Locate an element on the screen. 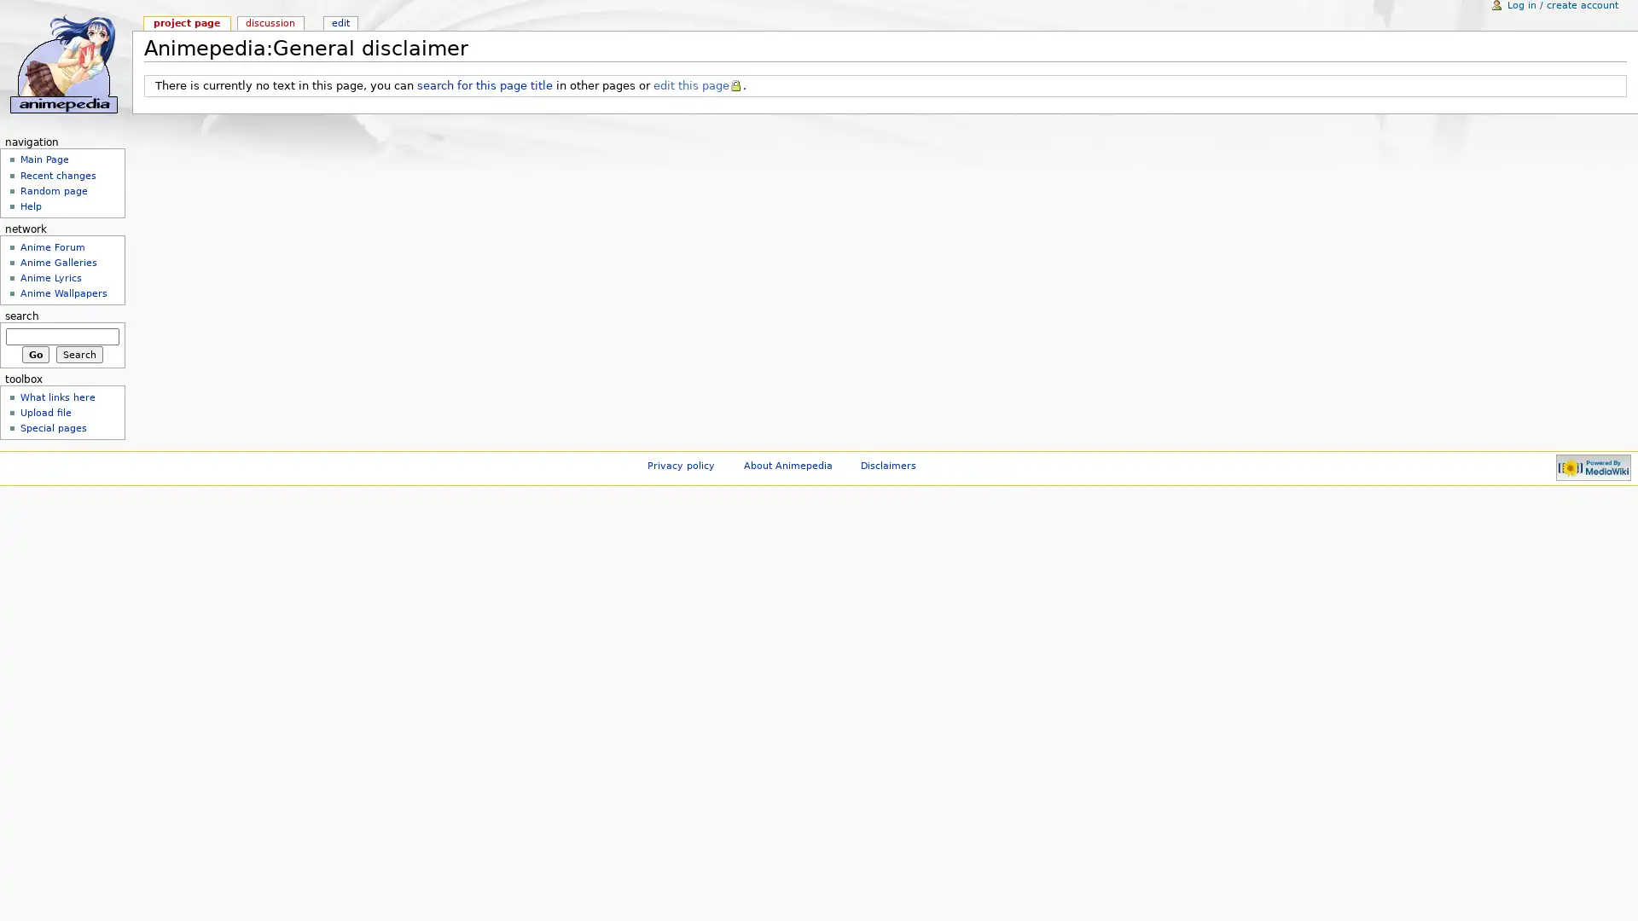  Search is located at coordinates (78, 354).